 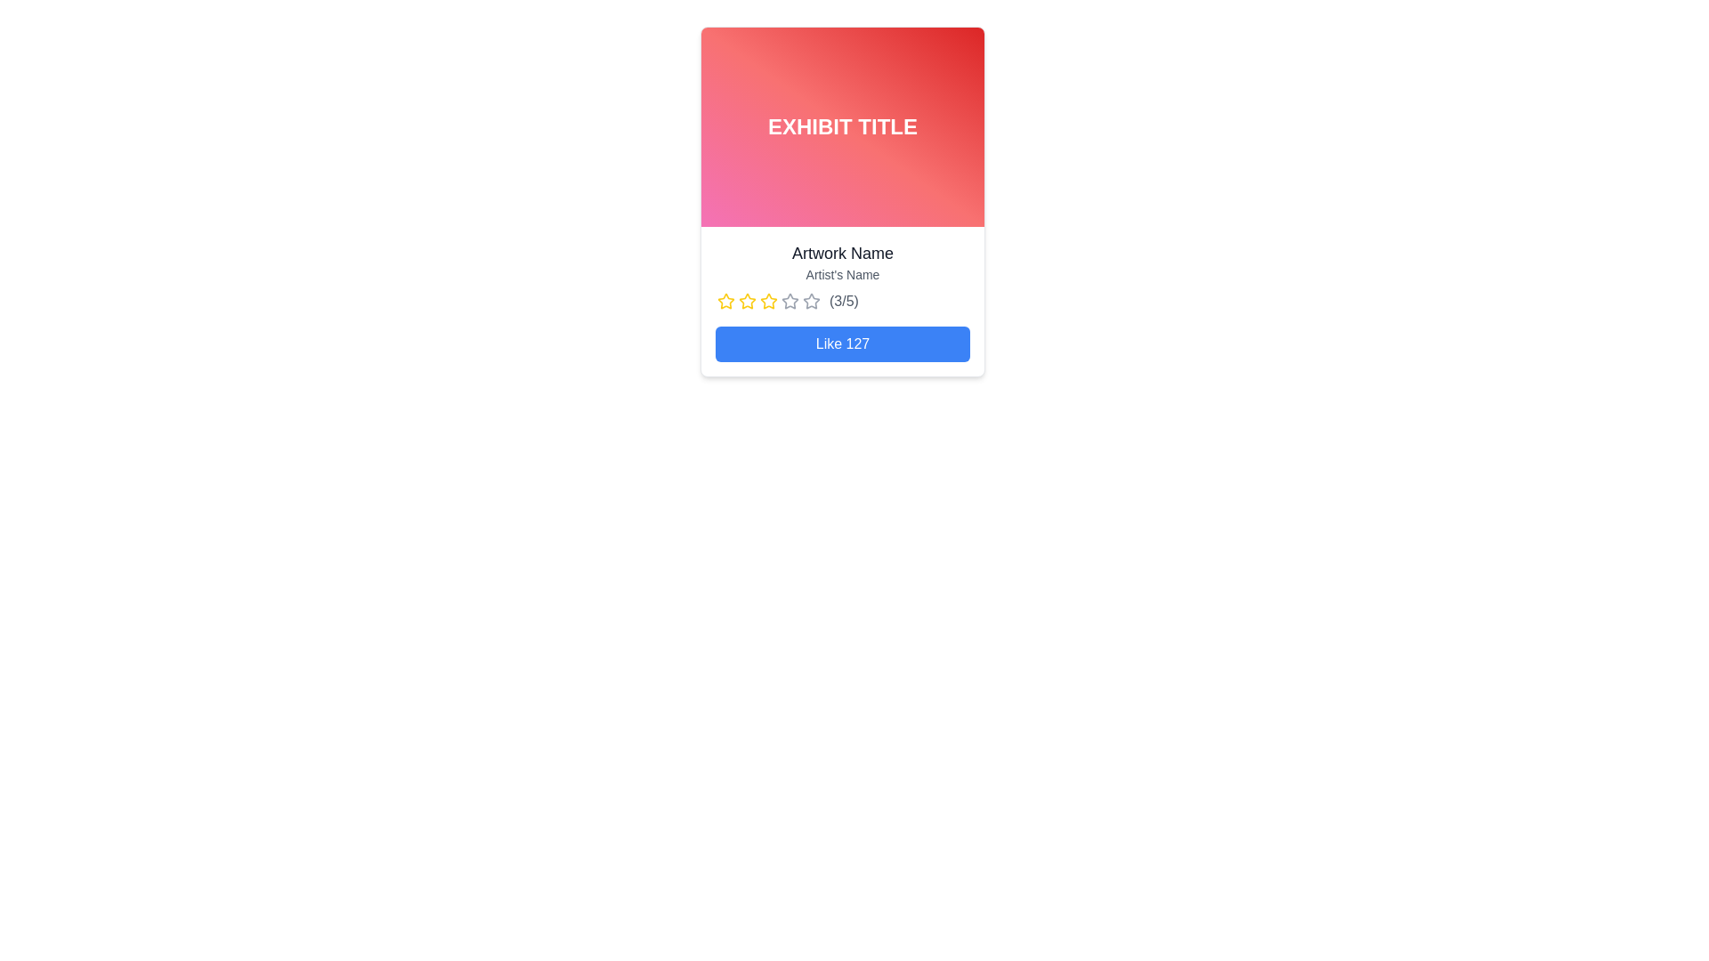 I want to click on the static text displaying the artist's name associated with the artwork, which is located between the artwork's title 'Artwork Name' and the rating stars below, so click(x=841, y=274).